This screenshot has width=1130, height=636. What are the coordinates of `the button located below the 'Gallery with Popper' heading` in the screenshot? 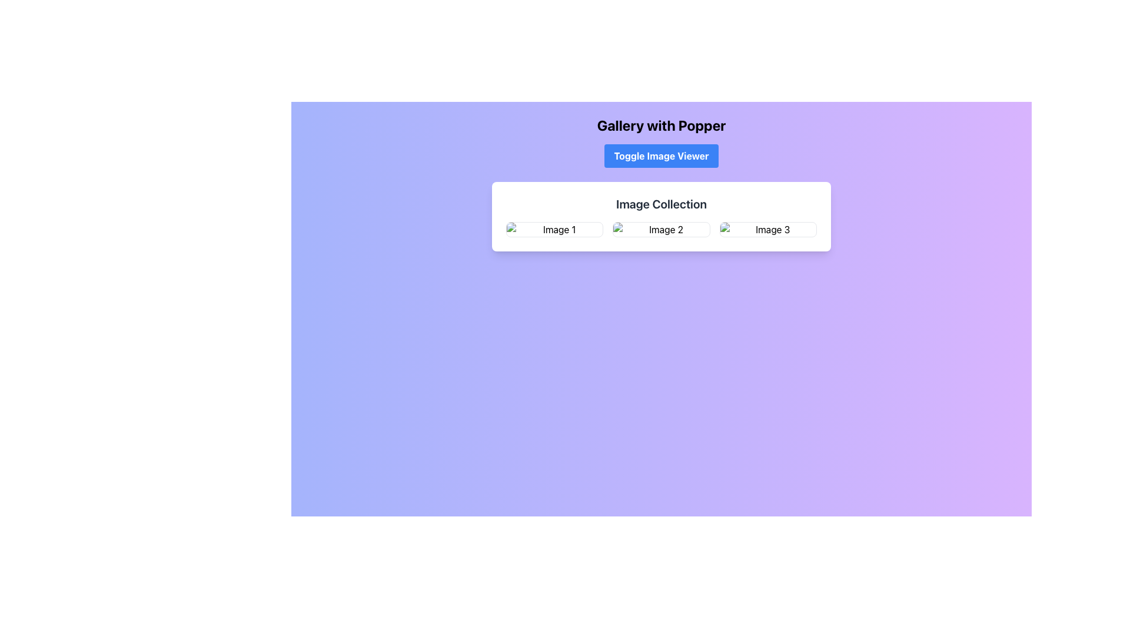 It's located at (661, 155).